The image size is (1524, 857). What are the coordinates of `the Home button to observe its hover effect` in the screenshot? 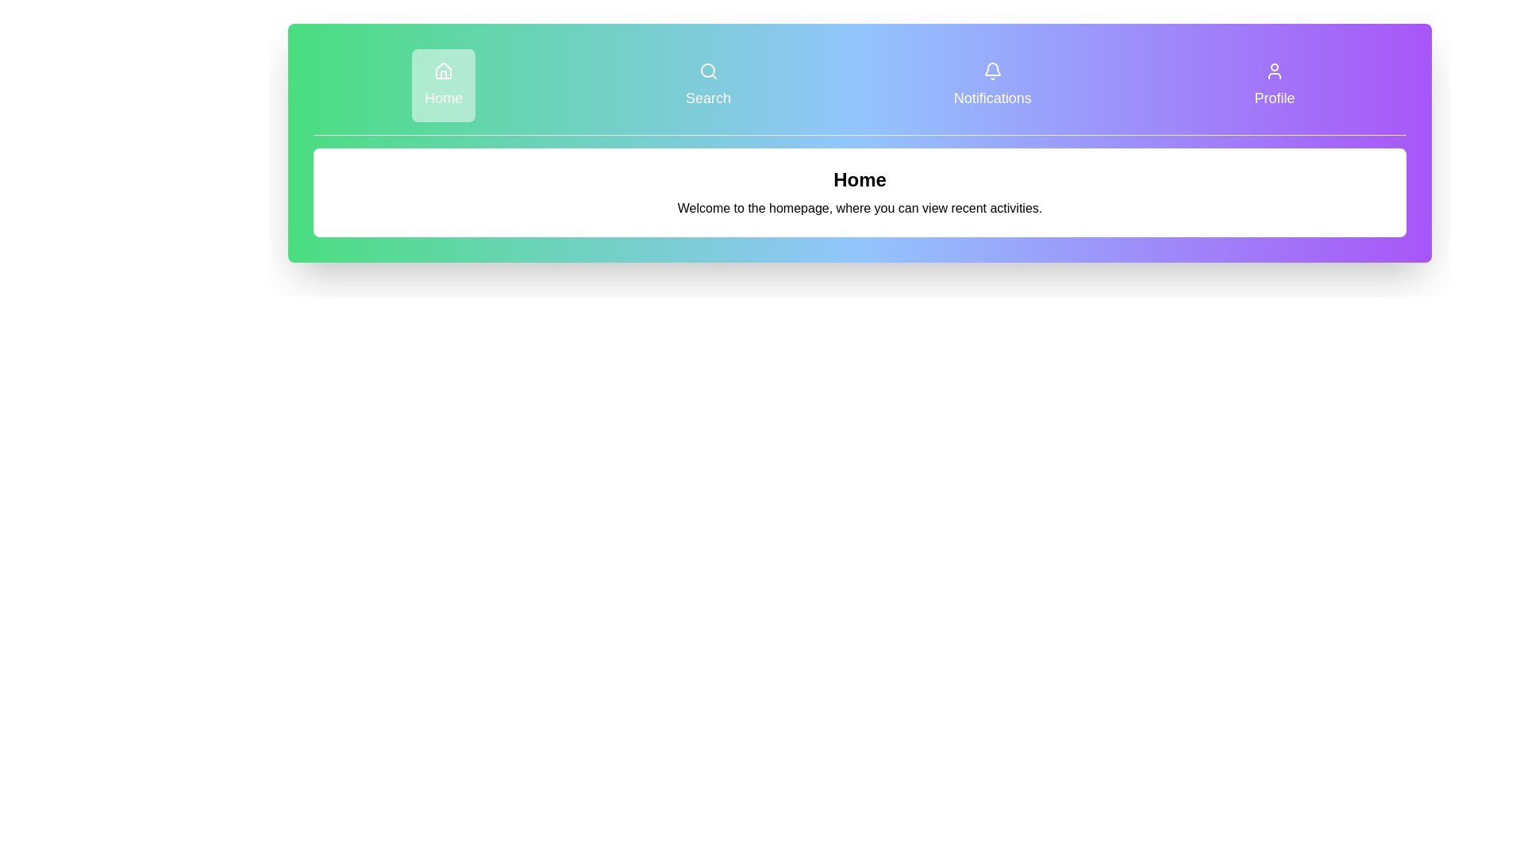 It's located at (443, 86).